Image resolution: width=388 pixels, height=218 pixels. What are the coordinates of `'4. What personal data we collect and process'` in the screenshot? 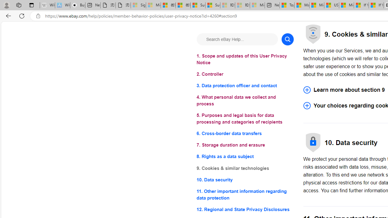 It's located at (245, 100).